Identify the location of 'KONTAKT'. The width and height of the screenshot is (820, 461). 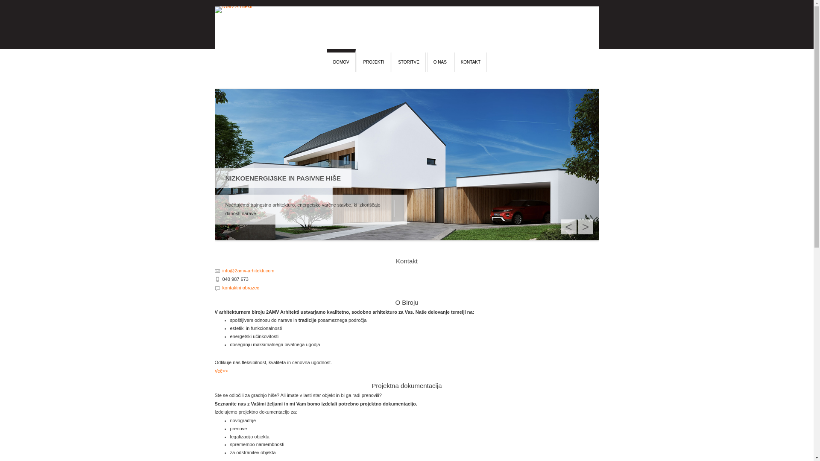
(470, 61).